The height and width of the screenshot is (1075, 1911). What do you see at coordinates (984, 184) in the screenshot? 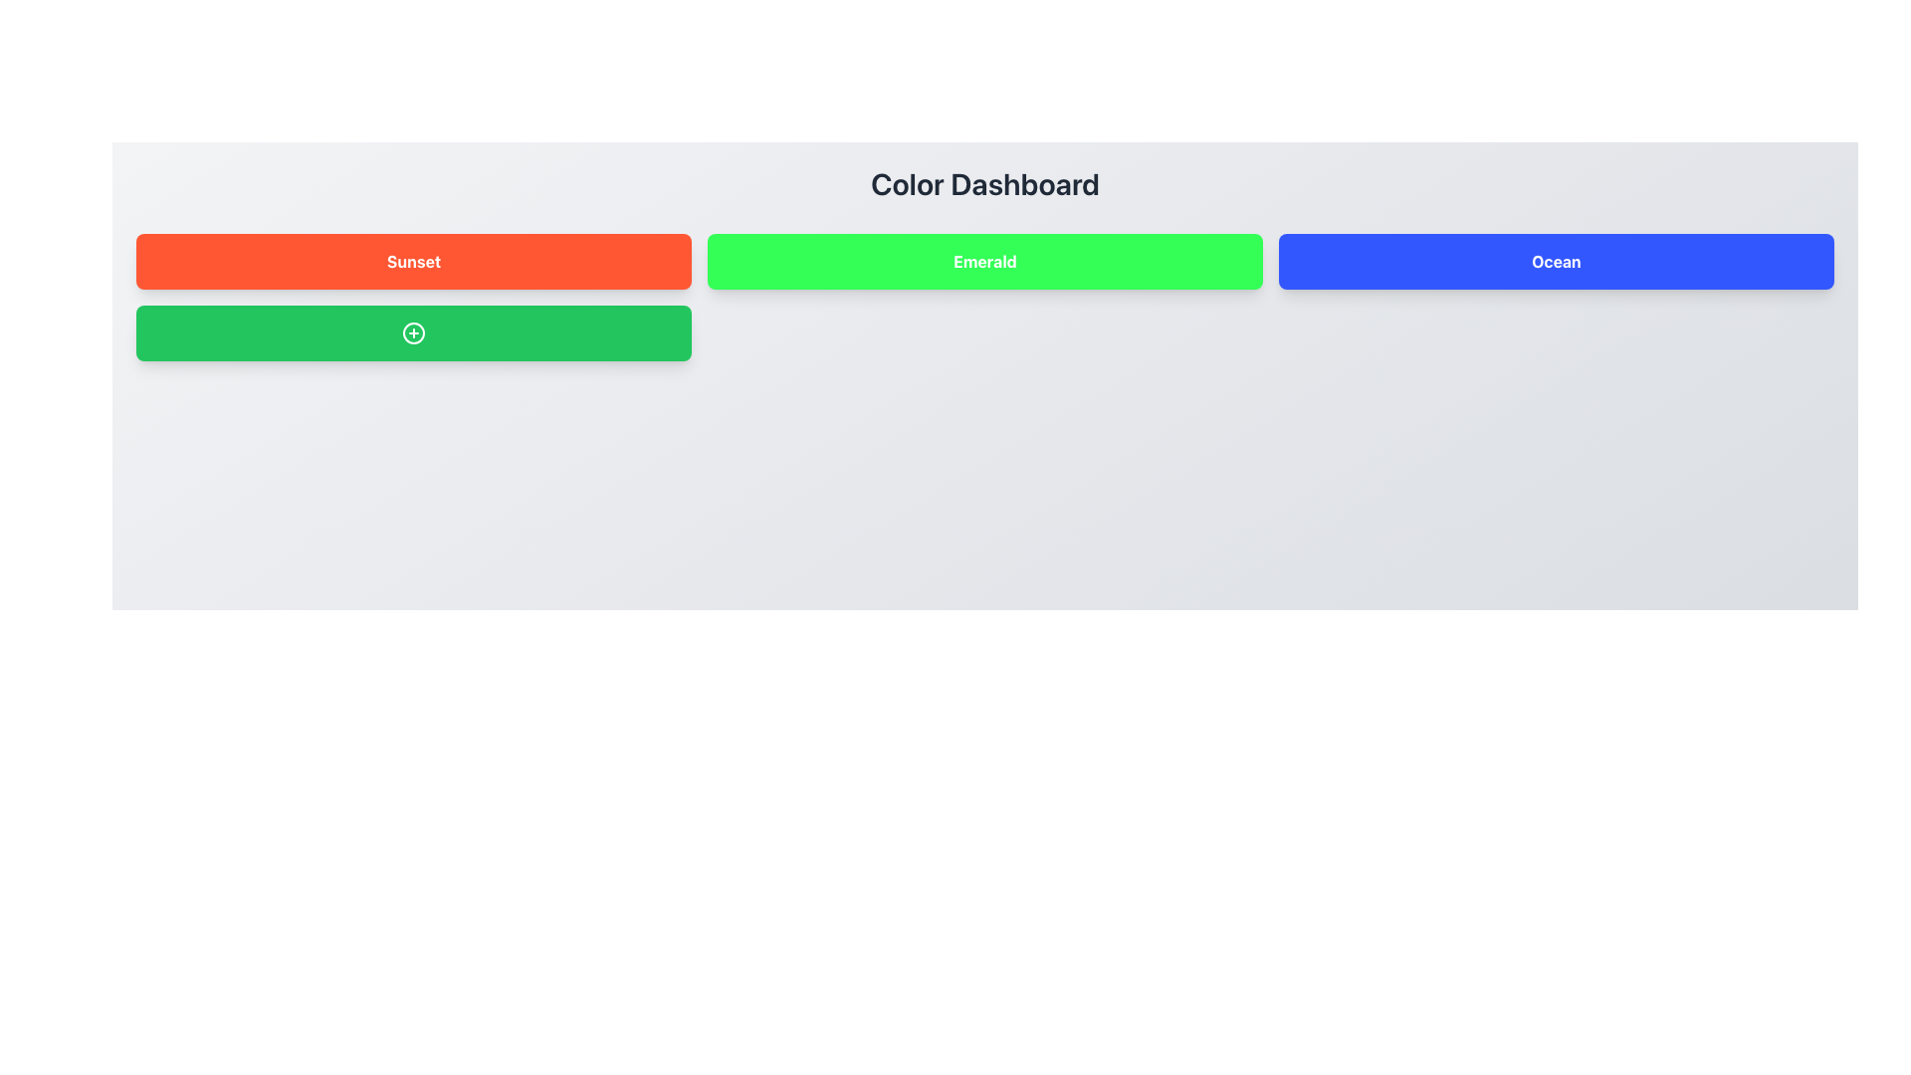
I see `the Text label at the top center of the dashboard, which serves as the title or heading for the interface` at bounding box center [984, 184].